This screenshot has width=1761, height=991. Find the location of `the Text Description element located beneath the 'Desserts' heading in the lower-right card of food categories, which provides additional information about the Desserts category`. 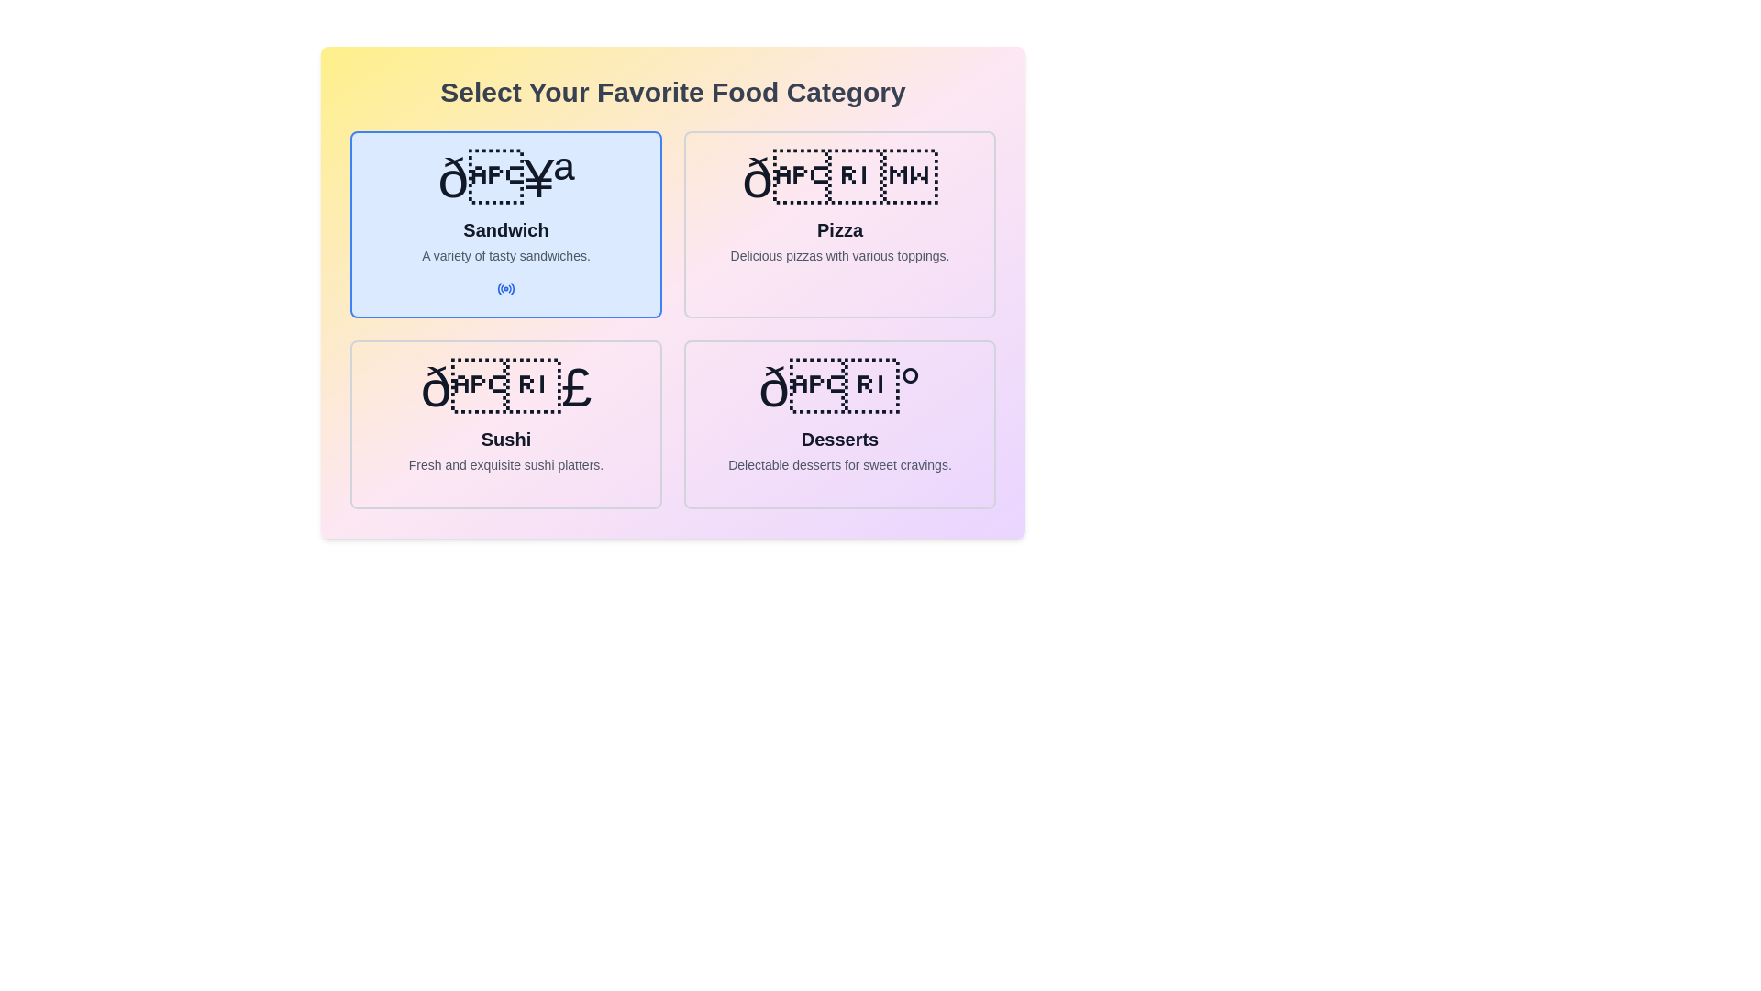

the Text Description element located beneath the 'Desserts' heading in the lower-right card of food categories, which provides additional information about the Desserts category is located at coordinates (839, 463).